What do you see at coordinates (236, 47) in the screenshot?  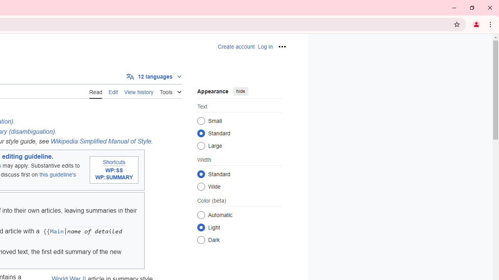 I see `'Create account'` at bounding box center [236, 47].